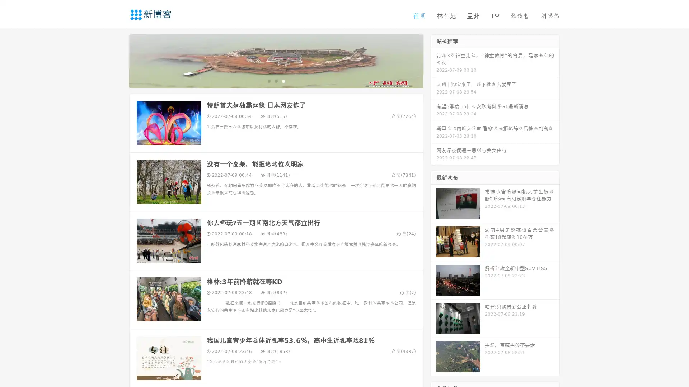  Describe the element at coordinates (283, 81) in the screenshot. I see `Go to slide 3` at that location.